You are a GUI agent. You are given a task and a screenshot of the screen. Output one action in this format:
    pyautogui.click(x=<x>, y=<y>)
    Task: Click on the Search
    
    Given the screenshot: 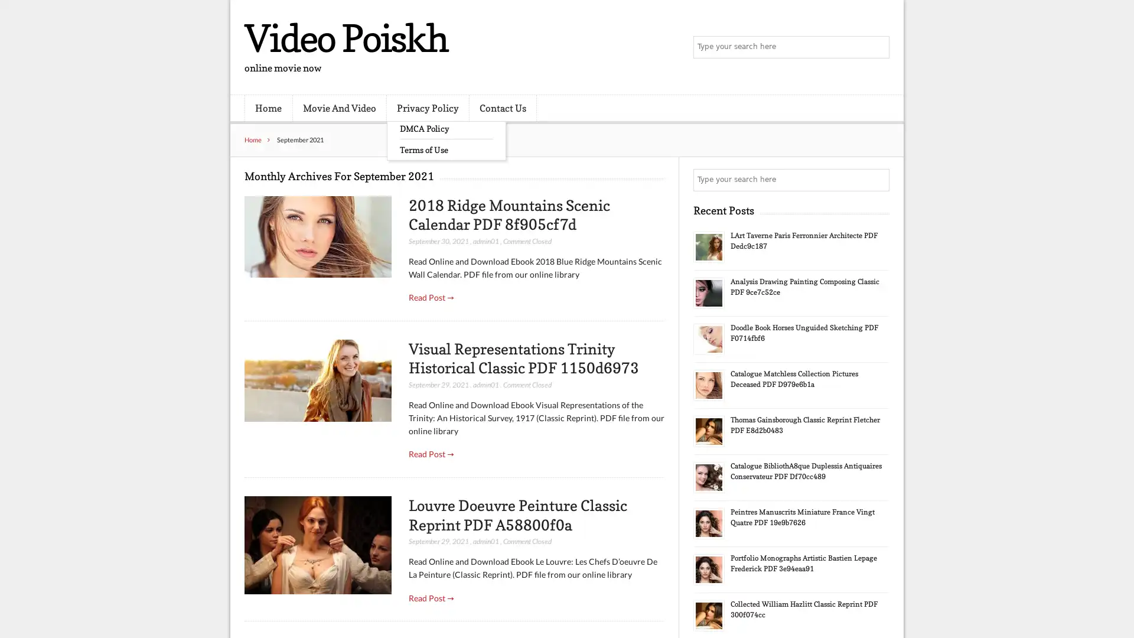 What is the action you would take?
    pyautogui.click(x=877, y=47)
    